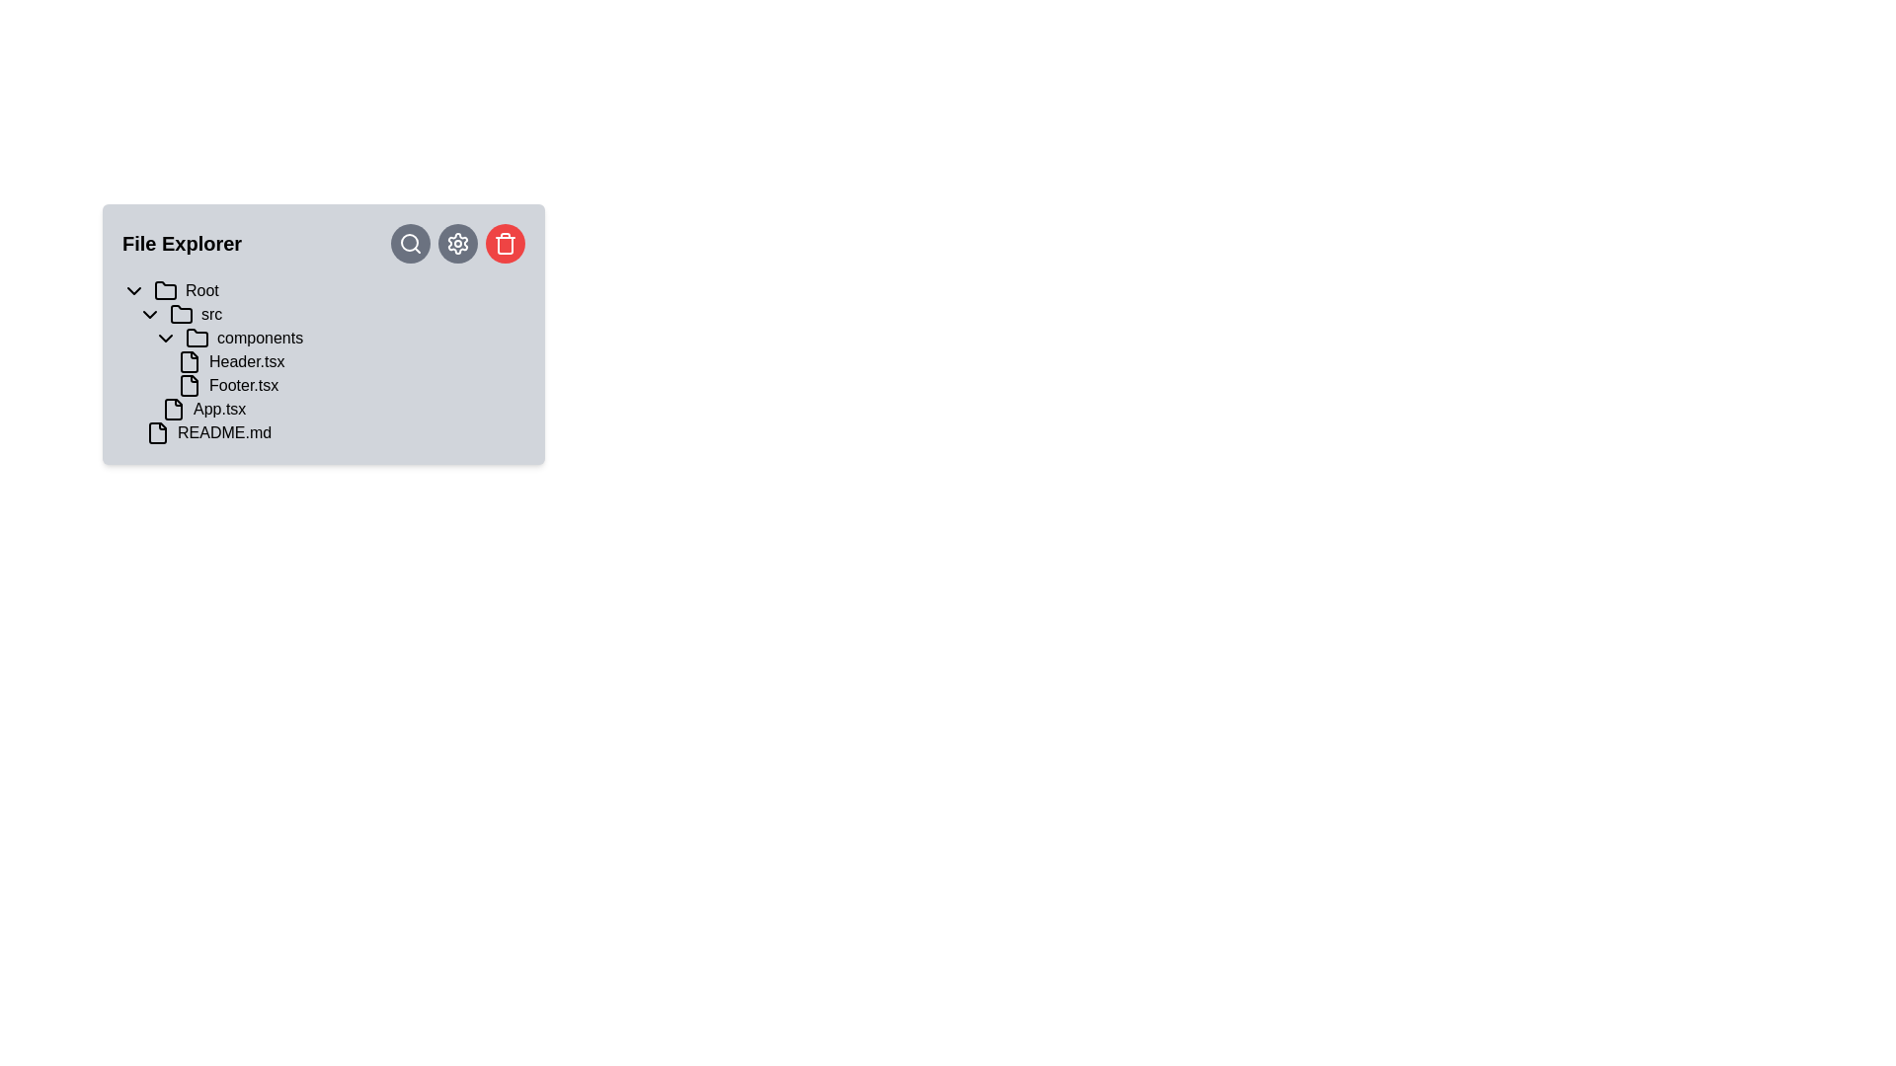 This screenshot has width=1896, height=1066. I want to click on the circular settings button with a gear icon located in the top-right corner of the 'File Explorer' panel, so click(457, 242).